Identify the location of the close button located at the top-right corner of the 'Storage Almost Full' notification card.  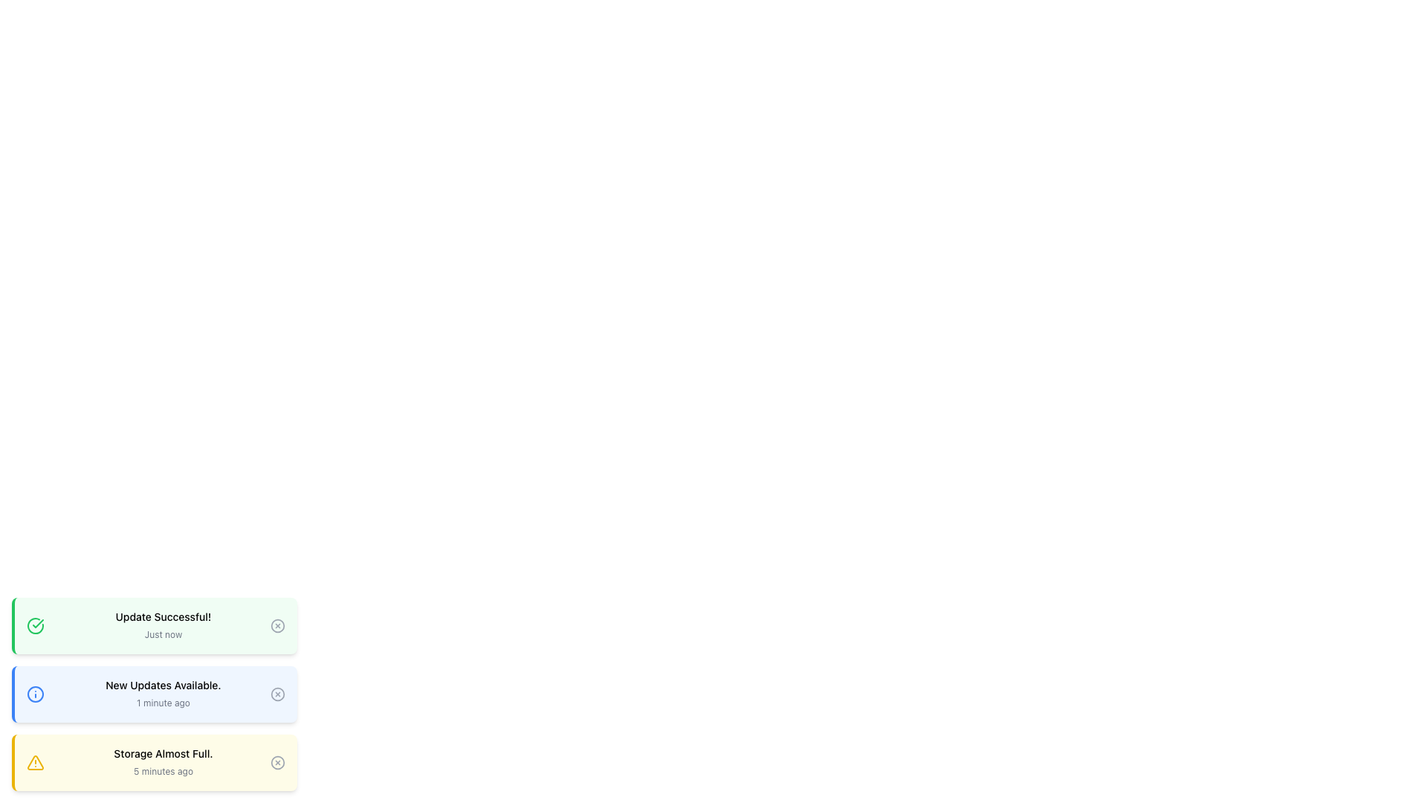
(278, 763).